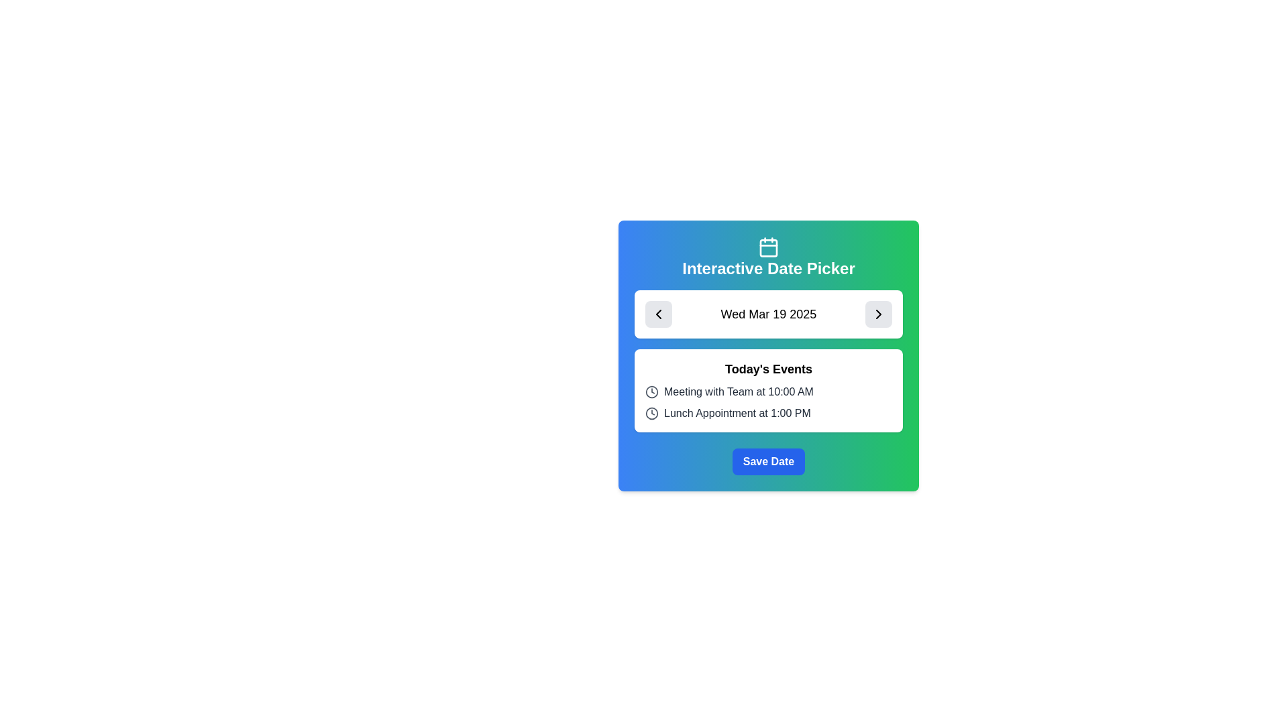 The image size is (1288, 724). I want to click on the rightward-pointing chevron icon button located to the far right of the date text 'Wed Mar 19 2025', so click(879, 314).